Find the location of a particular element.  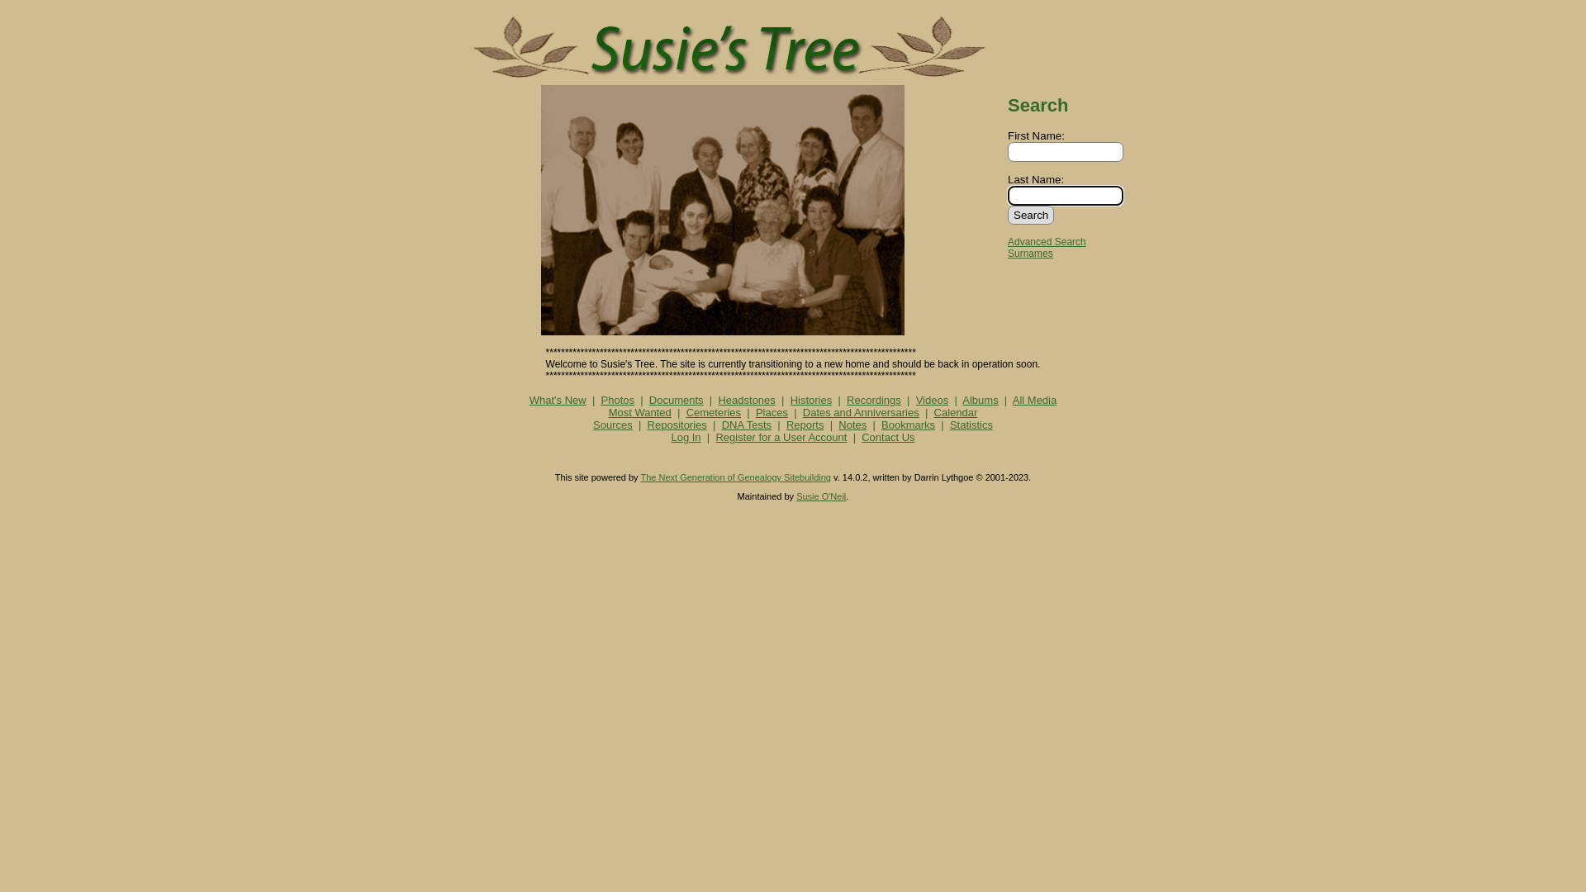

'Places' is located at coordinates (755, 411).